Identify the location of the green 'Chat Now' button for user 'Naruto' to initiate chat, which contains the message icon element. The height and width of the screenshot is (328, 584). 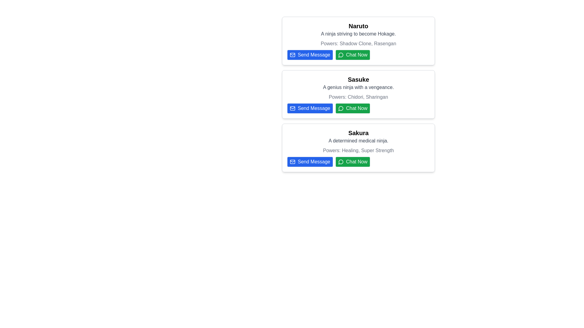
(341, 55).